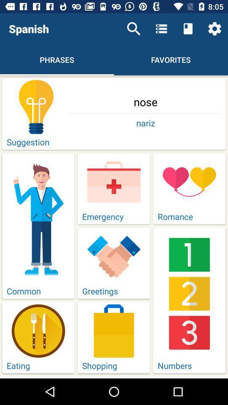  Describe the element at coordinates (133, 29) in the screenshot. I see `the item next to the spanish icon` at that location.